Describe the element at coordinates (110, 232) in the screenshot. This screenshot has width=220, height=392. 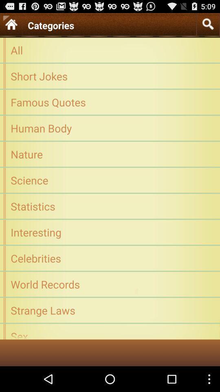
I see `interesting app` at that location.